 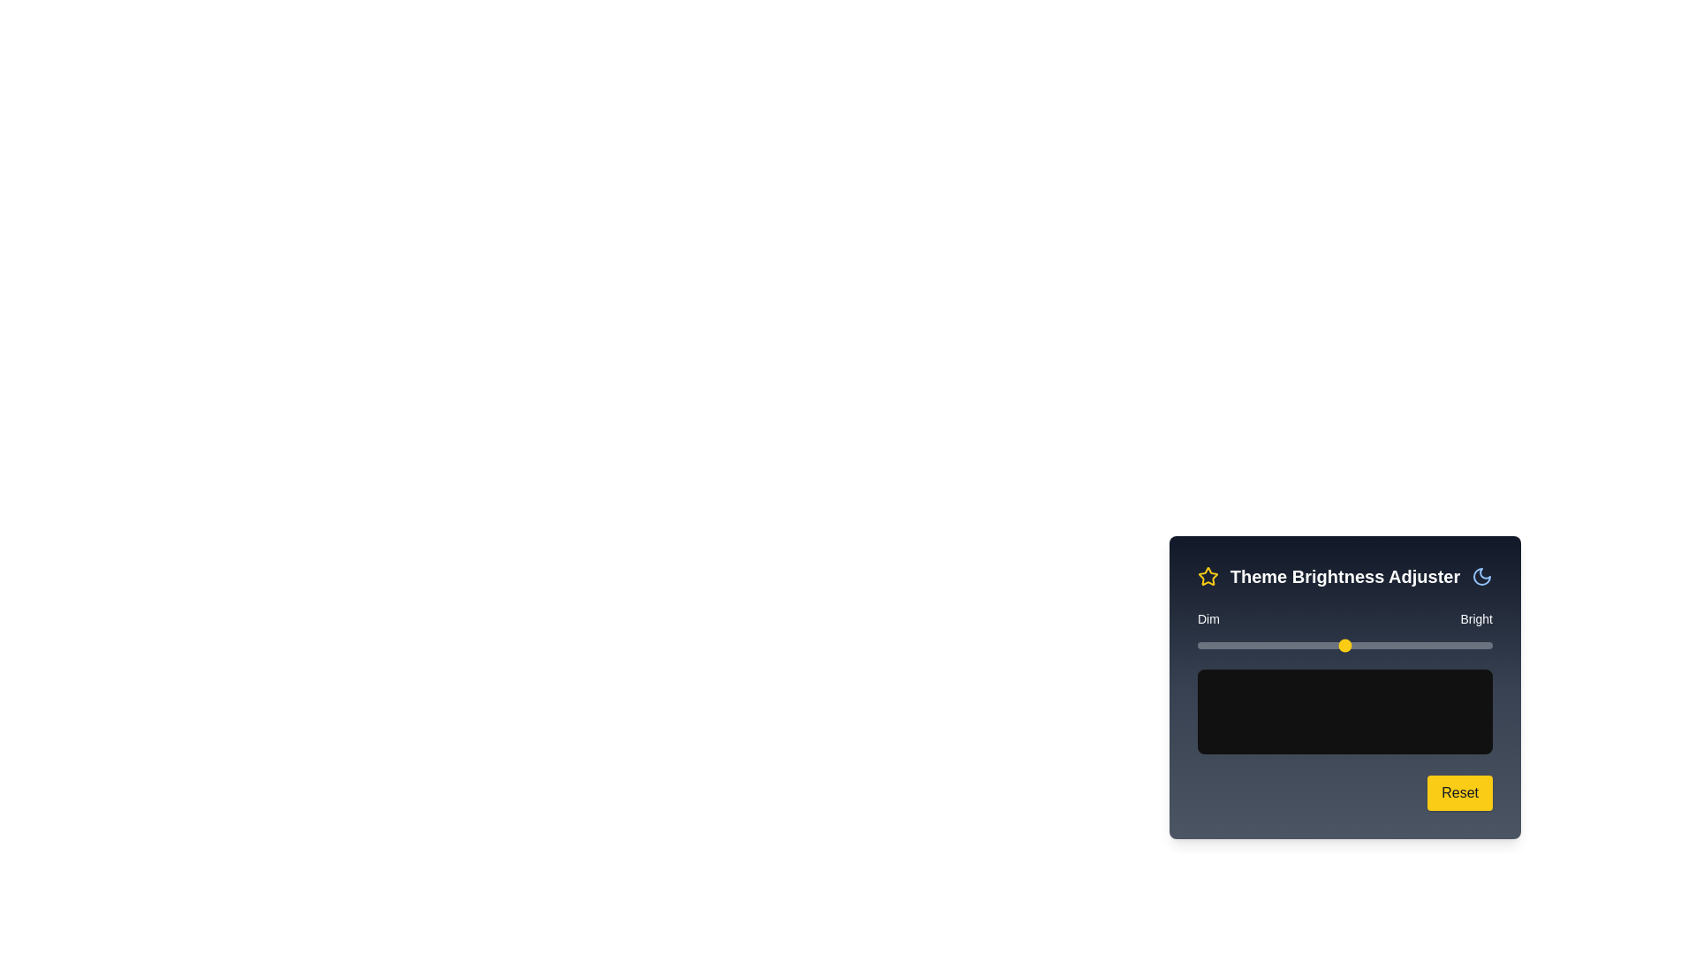 What do you see at coordinates (1419, 646) in the screenshot?
I see `the brightness slider to 75% and observe the preview area` at bounding box center [1419, 646].